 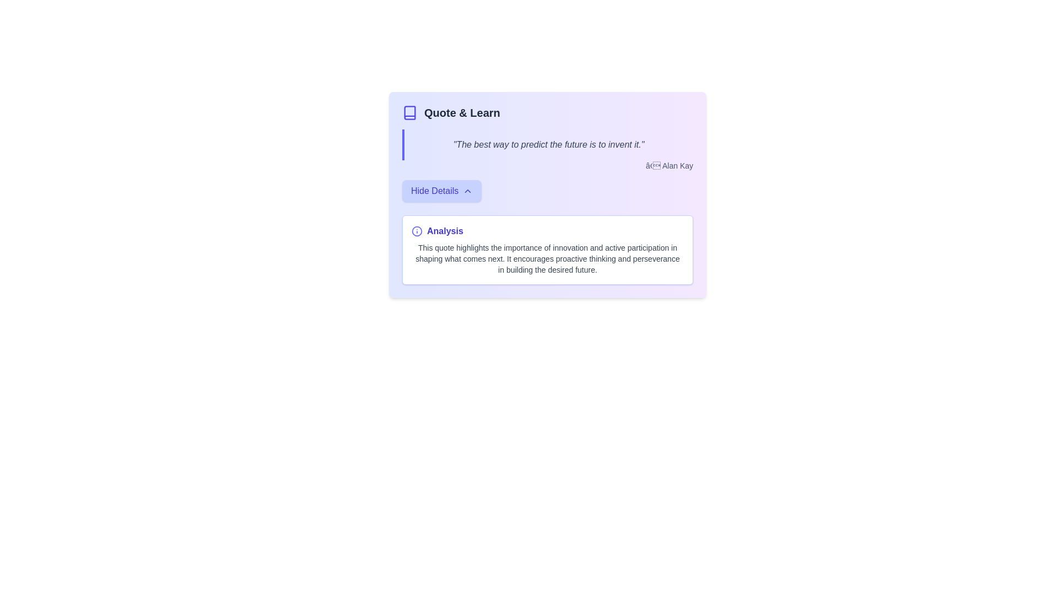 What do you see at coordinates (417, 231) in the screenshot?
I see `the outermost circular decorative element of the information icon located in the top-right corner of the card-like interface` at bounding box center [417, 231].